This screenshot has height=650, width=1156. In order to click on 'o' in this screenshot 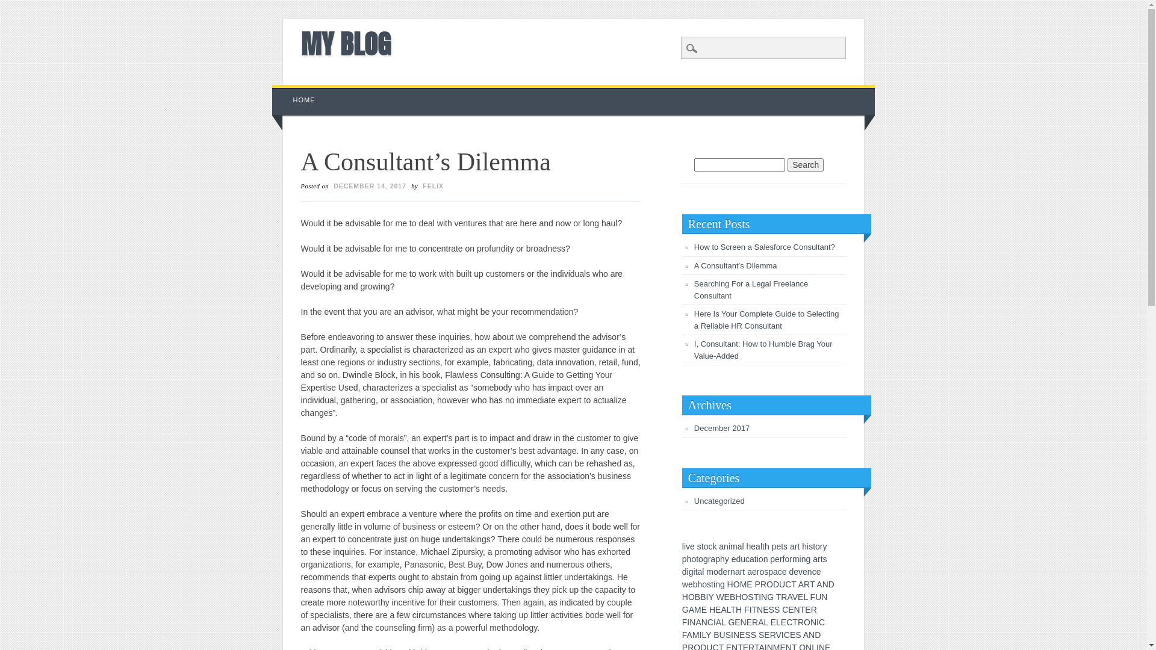, I will do `click(694, 559)`.